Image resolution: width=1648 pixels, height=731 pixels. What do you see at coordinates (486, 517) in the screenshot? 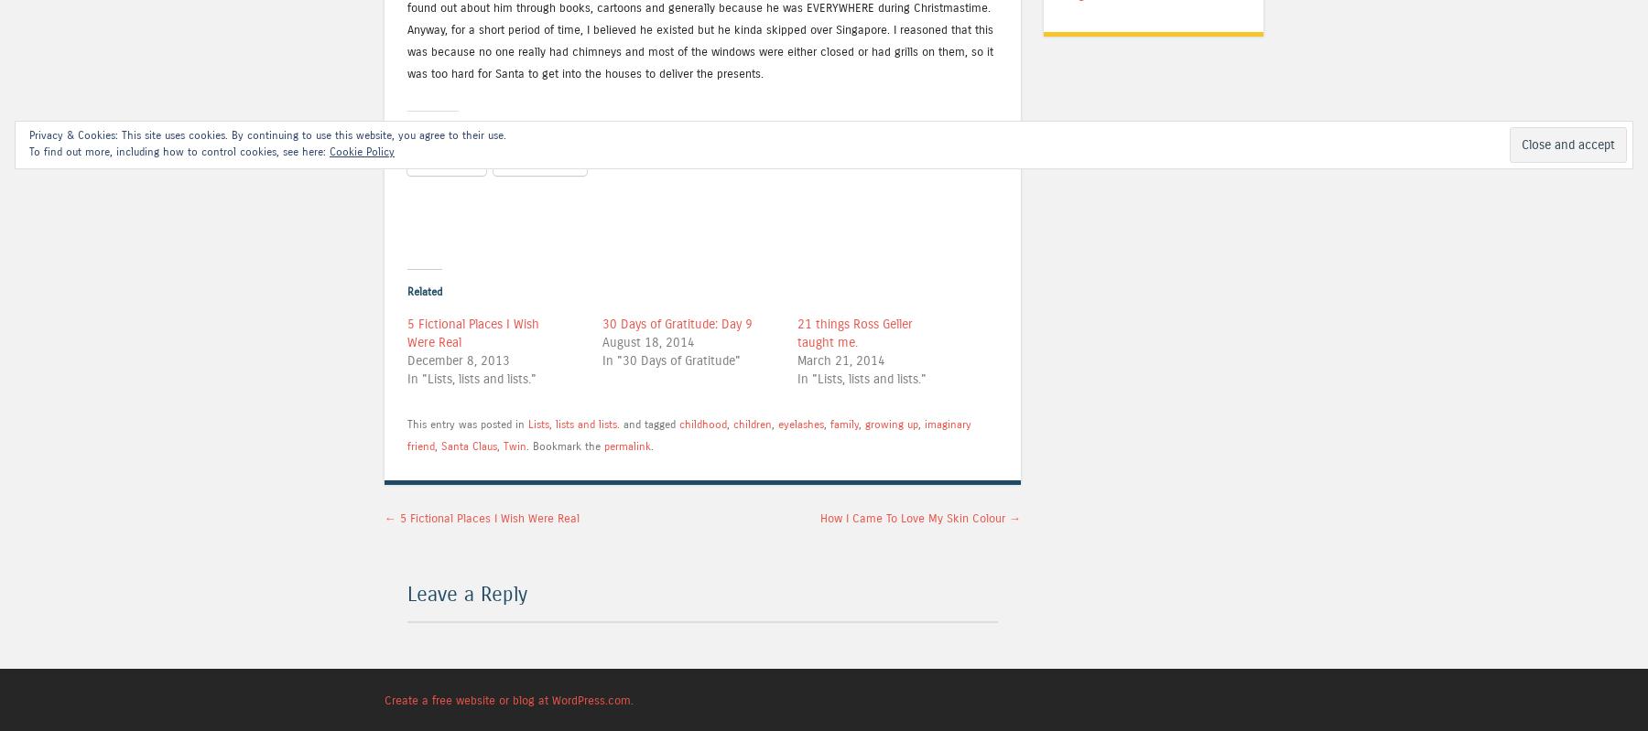
I see `'5 Fictional Places I Wish Were Real'` at bounding box center [486, 517].